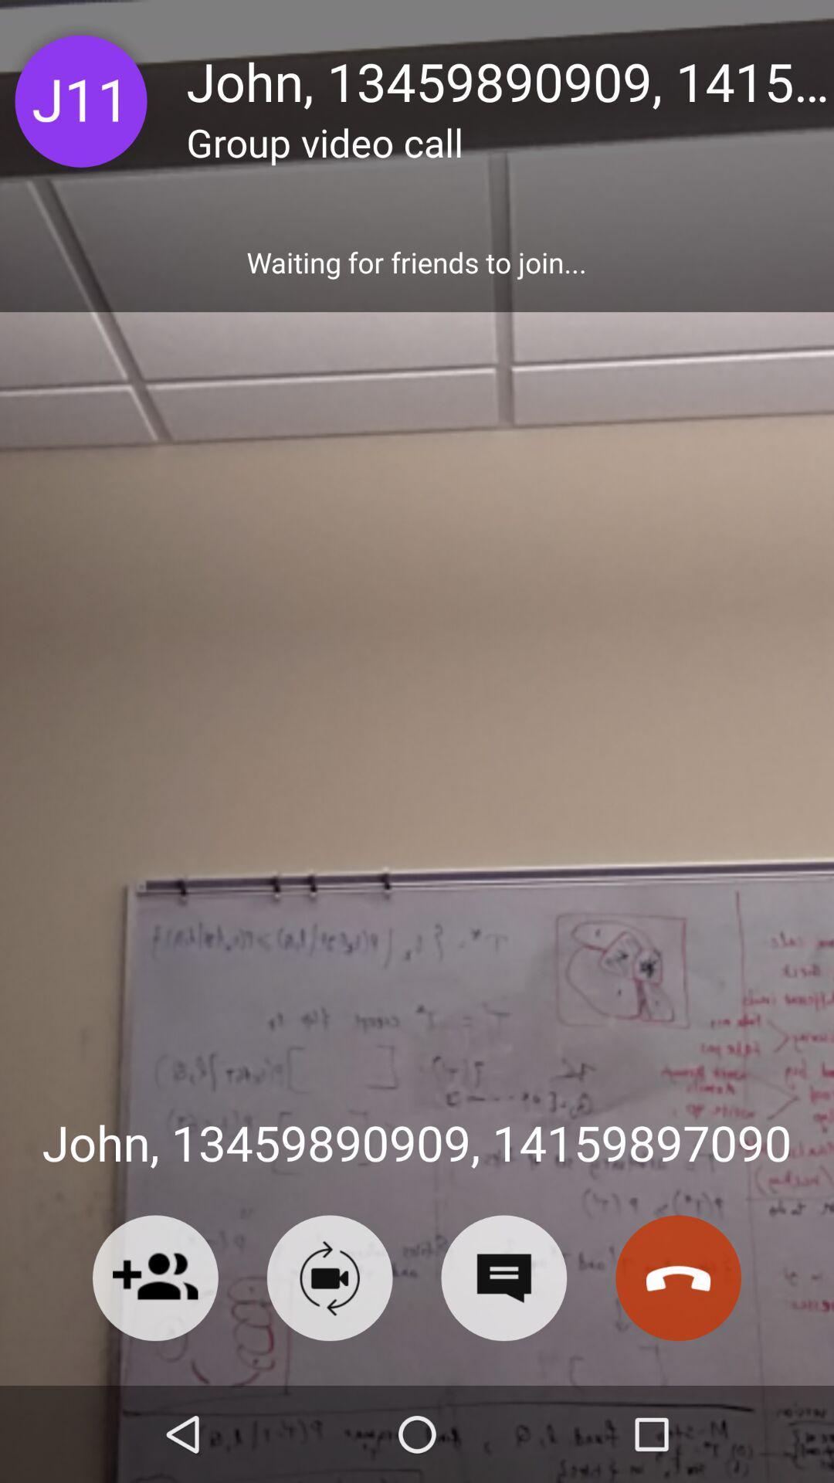 The width and height of the screenshot is (834, 1483). What do you see at coordinates (503, 1278) in the screenshot?
I see `the chat icon` at bounding box center [503, 1278].